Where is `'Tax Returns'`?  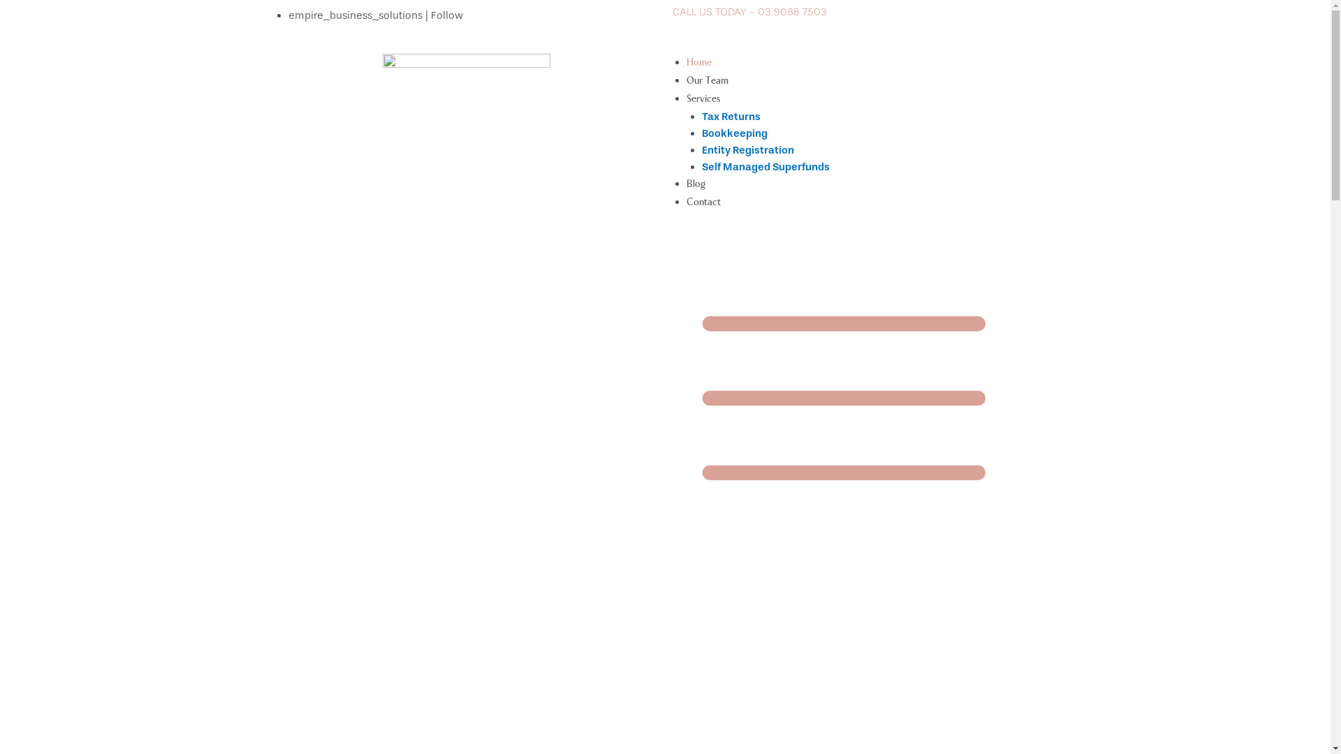
'Tax Returns' is located at coordinates (730, 115).